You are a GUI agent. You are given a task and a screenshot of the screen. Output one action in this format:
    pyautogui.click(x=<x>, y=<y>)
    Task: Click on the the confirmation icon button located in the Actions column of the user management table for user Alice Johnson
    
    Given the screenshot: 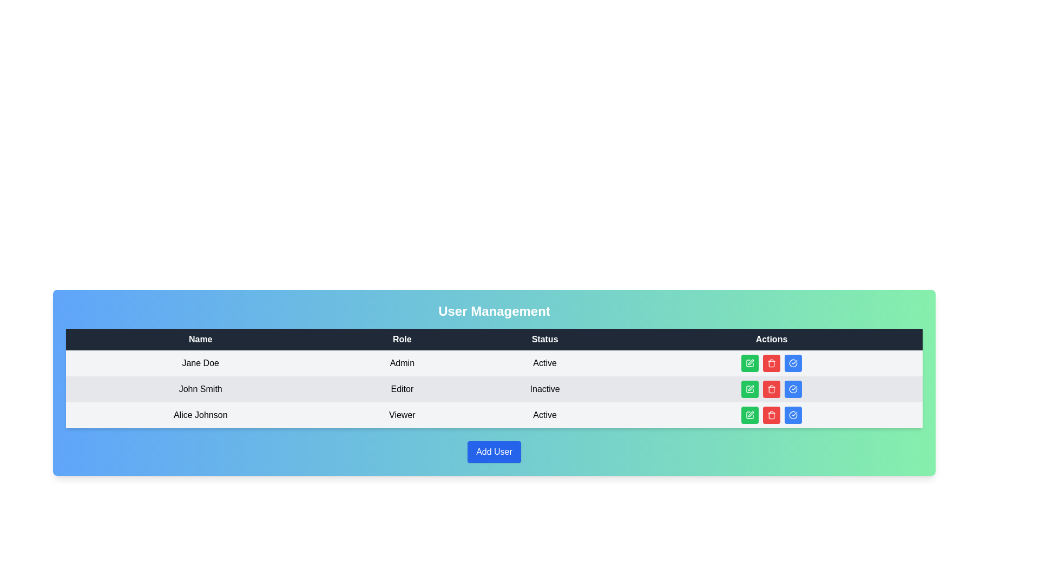 What is the action you would take?
    pyautogui.click(x=793, y=363)
    